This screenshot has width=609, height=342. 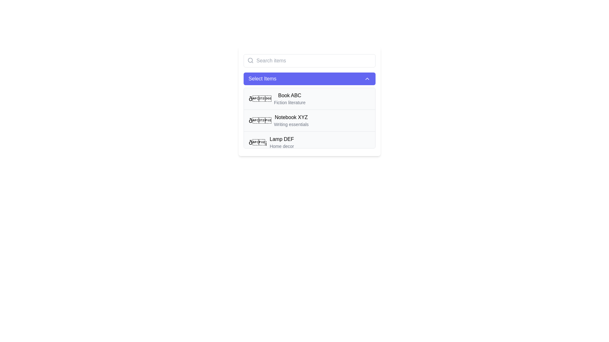 I want to click on to select the 'Lamp DEF' text block located in the third entry of the vertical list, which includes an emoji icon to the left, so click(x=281, y=142).